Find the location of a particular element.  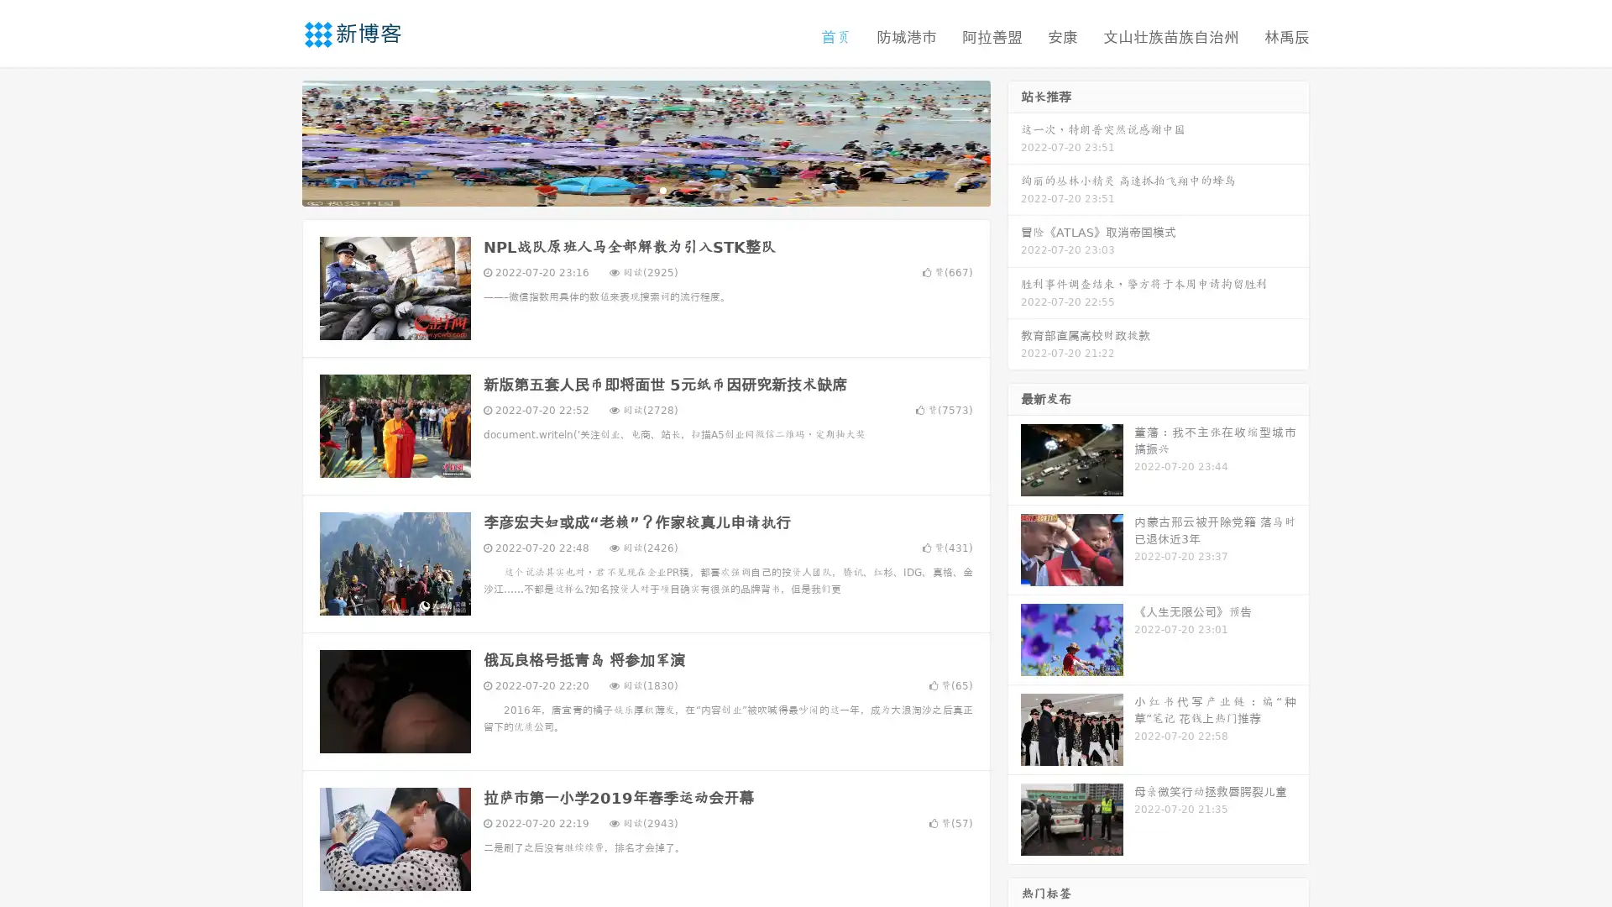

Go to slide 3 is located at coordinates (662, 189).